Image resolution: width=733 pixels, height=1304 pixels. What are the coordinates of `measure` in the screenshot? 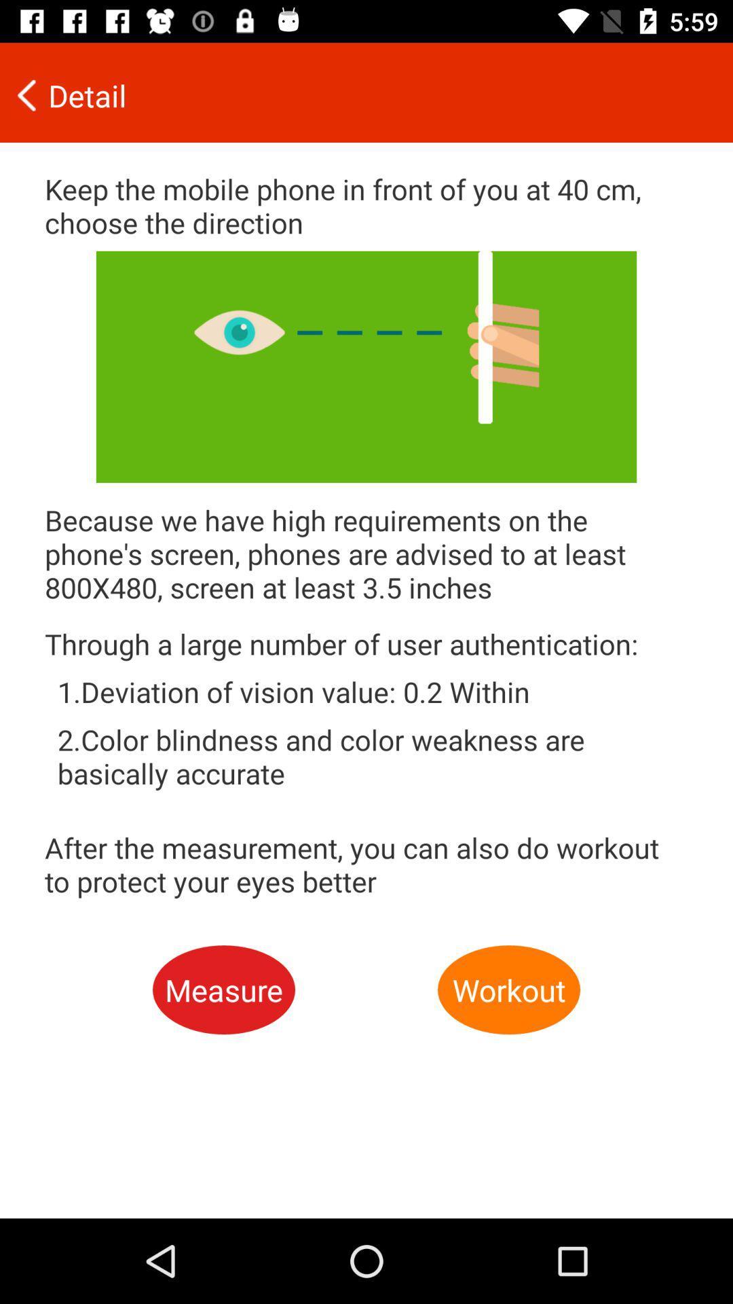 It's located at (223, 990).